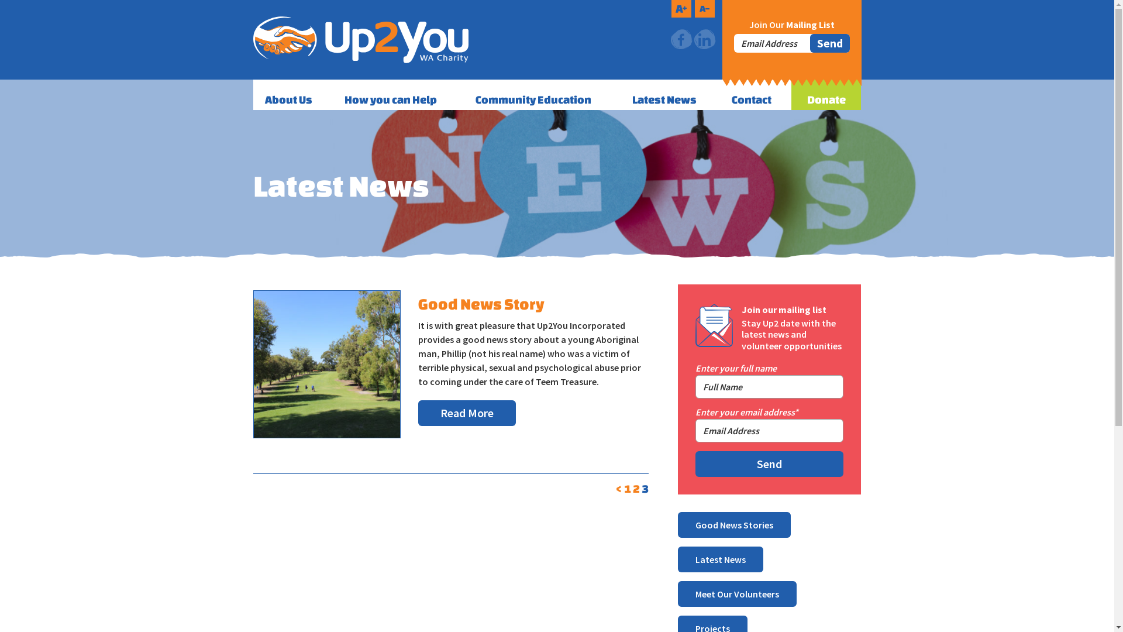 This screenshot has height=632, width=1123. Describe the element at coordinates (828, 42) in the screenshot. I see `'Send'` at that location.